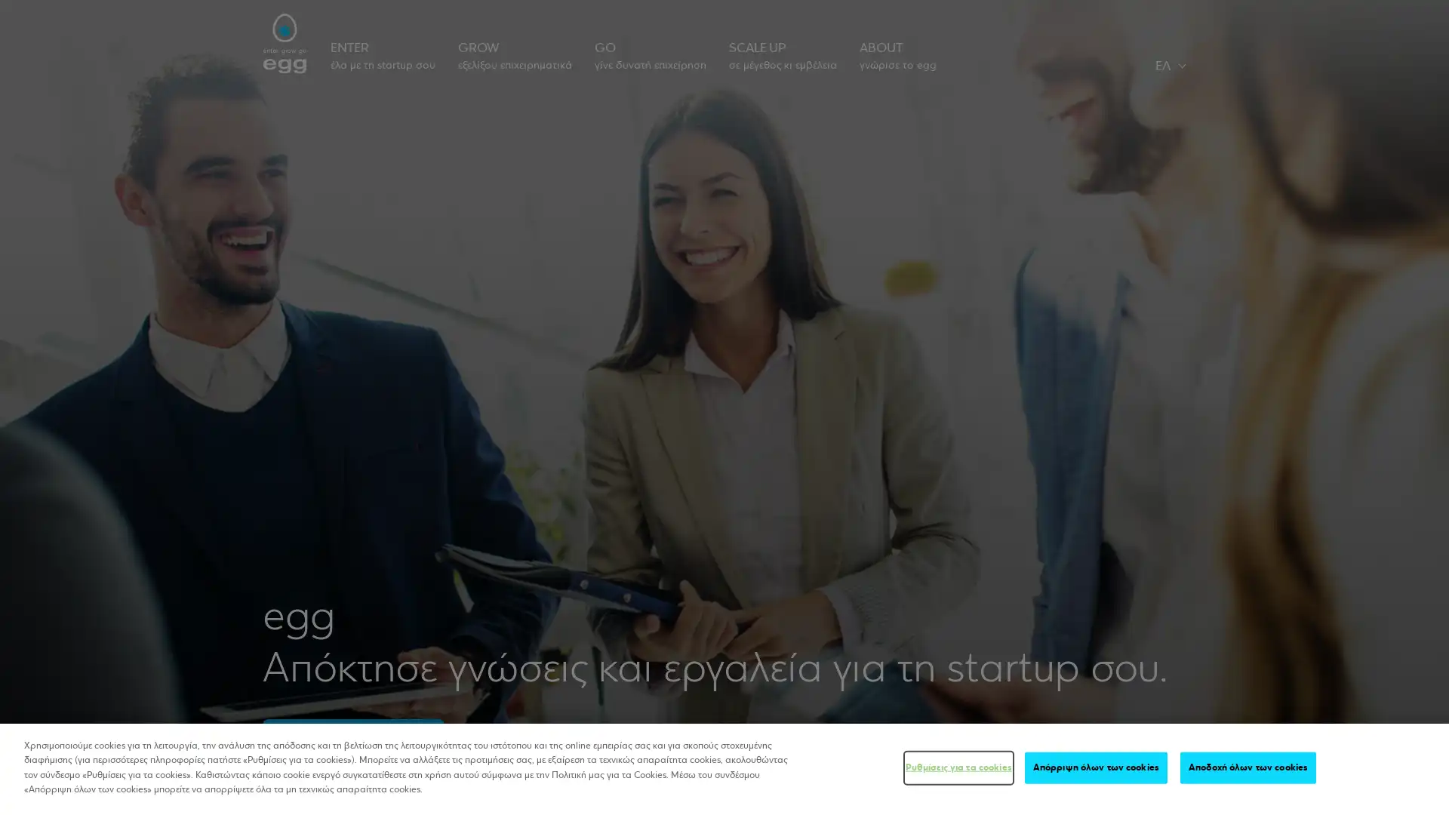  I want to click on cookies, so click(957, 767).